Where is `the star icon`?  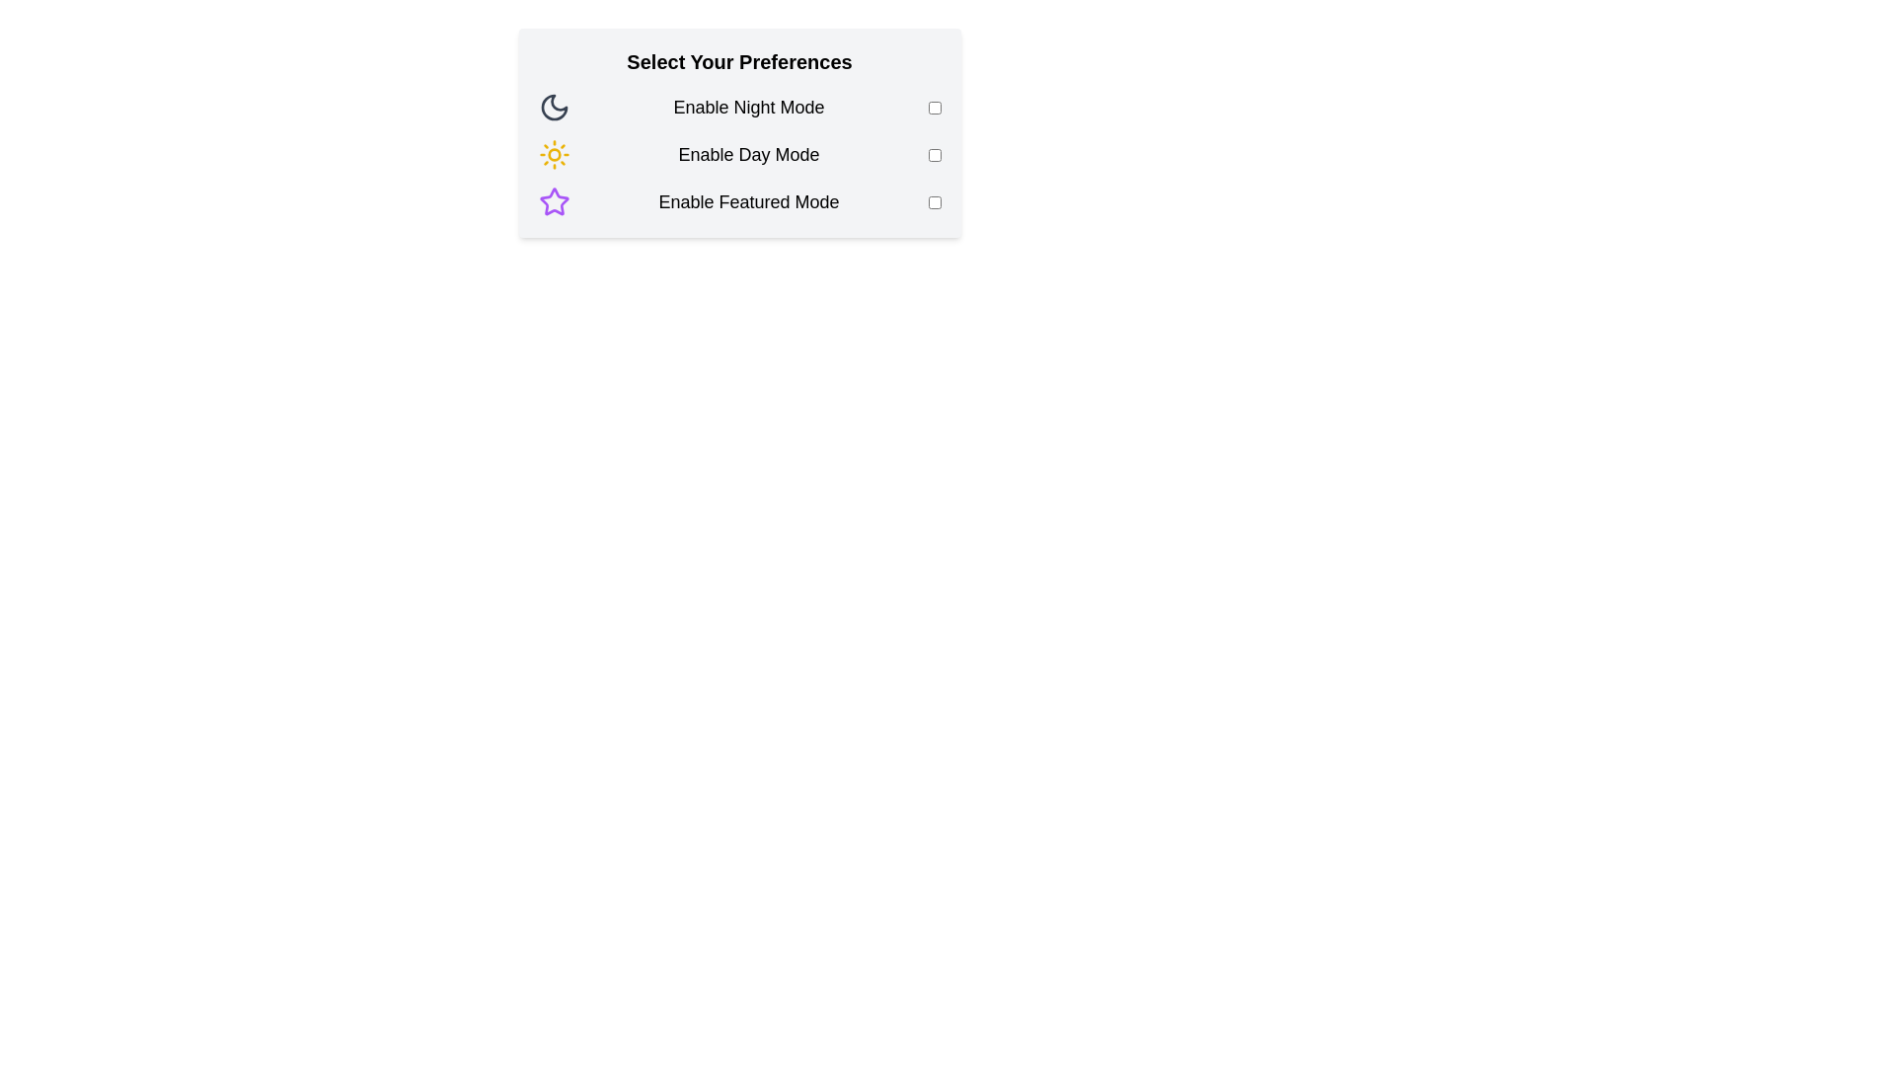 the star icon is located at coordinates (553, 201).